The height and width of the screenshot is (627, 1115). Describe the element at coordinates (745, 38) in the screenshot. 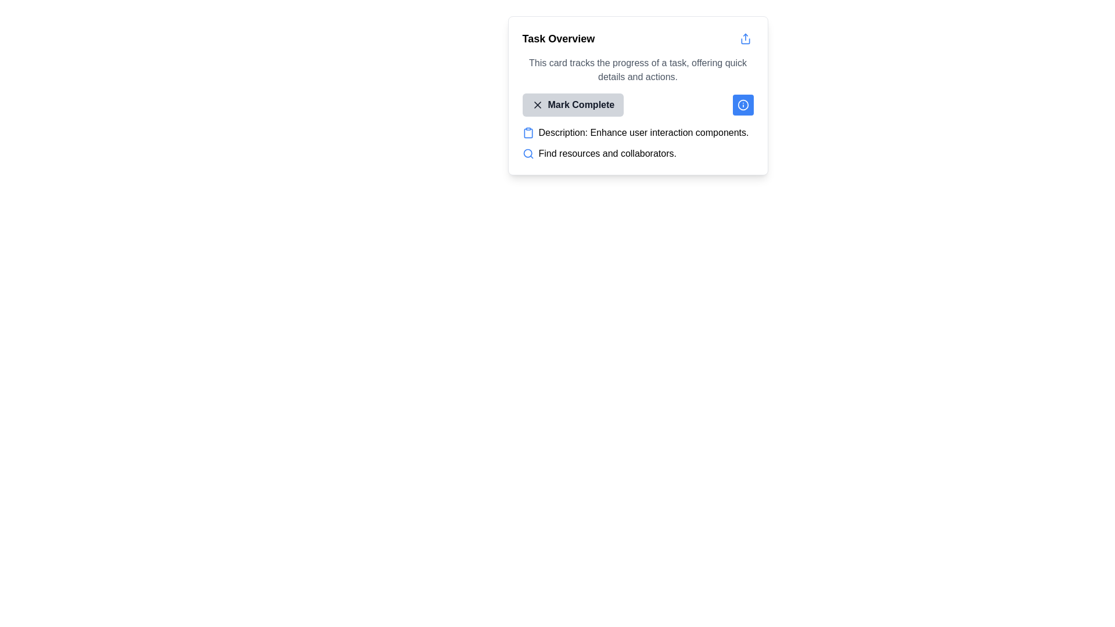

I see `the 'share' button with an SVG icon located at the top-right corner of the 'Task Overview' card layout` at that location.